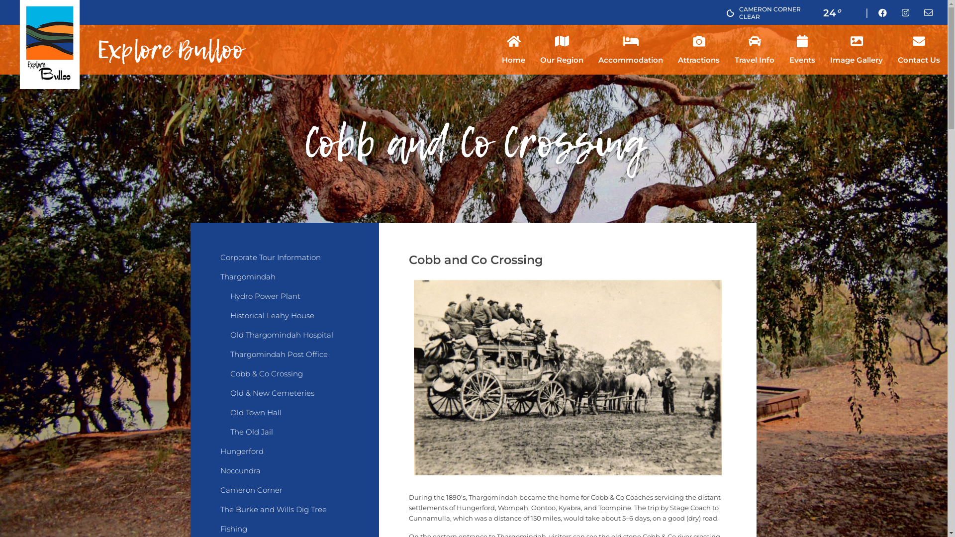  I want to click on 'Cameron Corner', so click(284, 495).